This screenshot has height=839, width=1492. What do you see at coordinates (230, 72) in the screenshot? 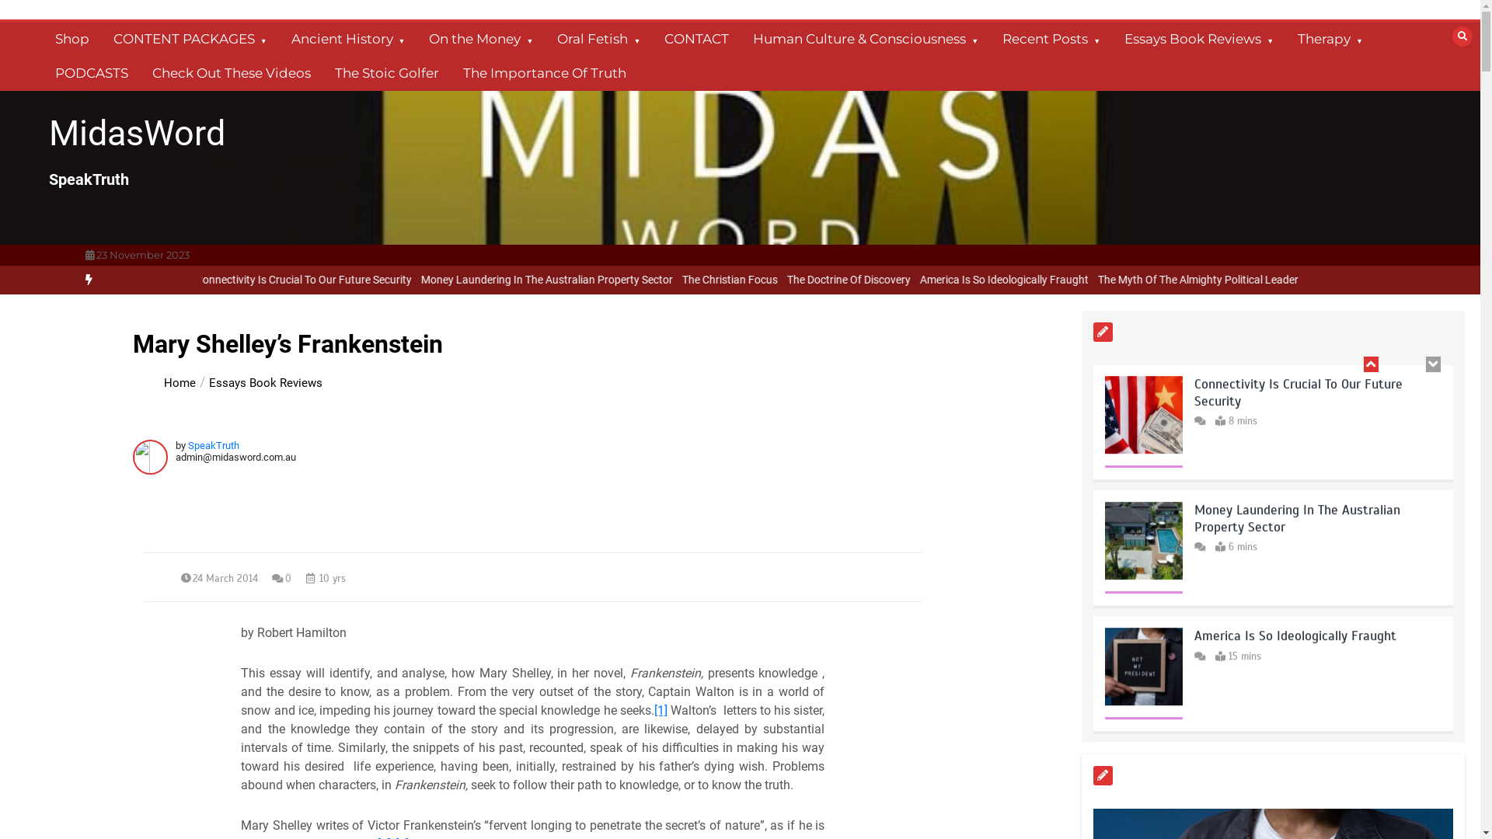
I see `'Check Out These Videos'` at bounding box center [230, 72].